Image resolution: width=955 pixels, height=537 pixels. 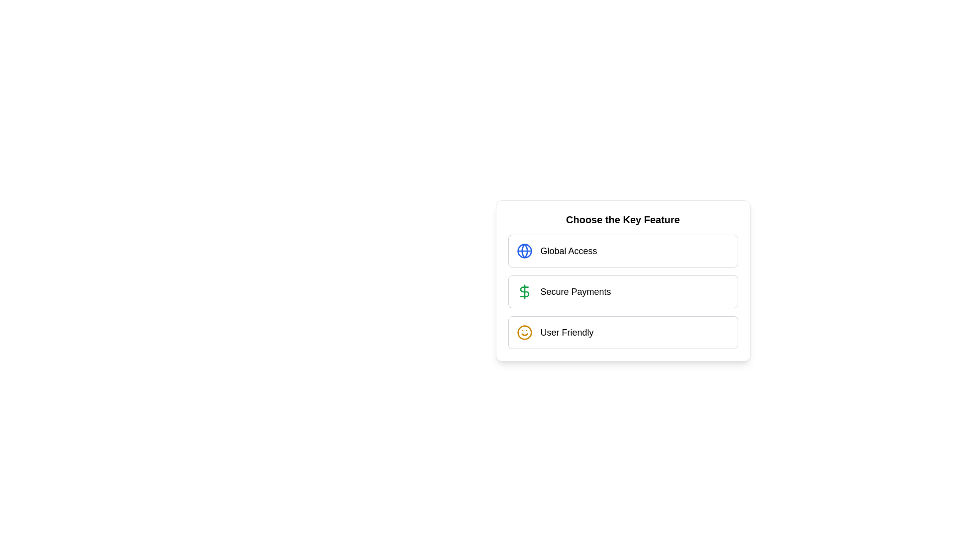 I want to click on the green dollar symbol icon enclosed within a circular shape, positioned next to the text 'Secure Payments' in the list of options under 'Choose the Key Feature', so click(x=524, y=291).